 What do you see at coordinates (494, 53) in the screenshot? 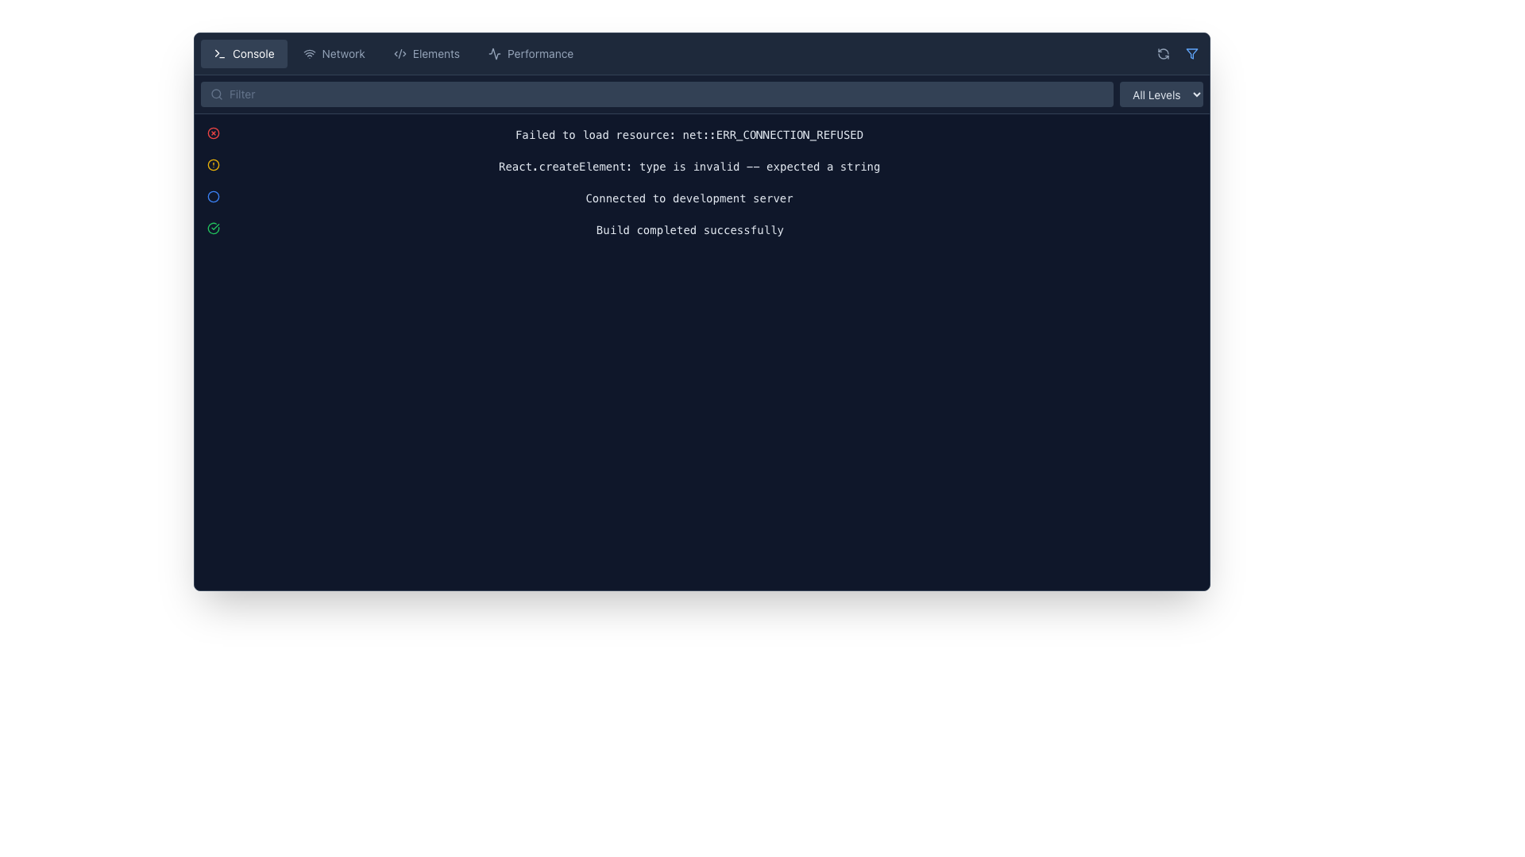
I see `the small dynamic waveform icon, which is the leftmost icon in the row next to the text 'Performance'` at bounding box center [494, 53].